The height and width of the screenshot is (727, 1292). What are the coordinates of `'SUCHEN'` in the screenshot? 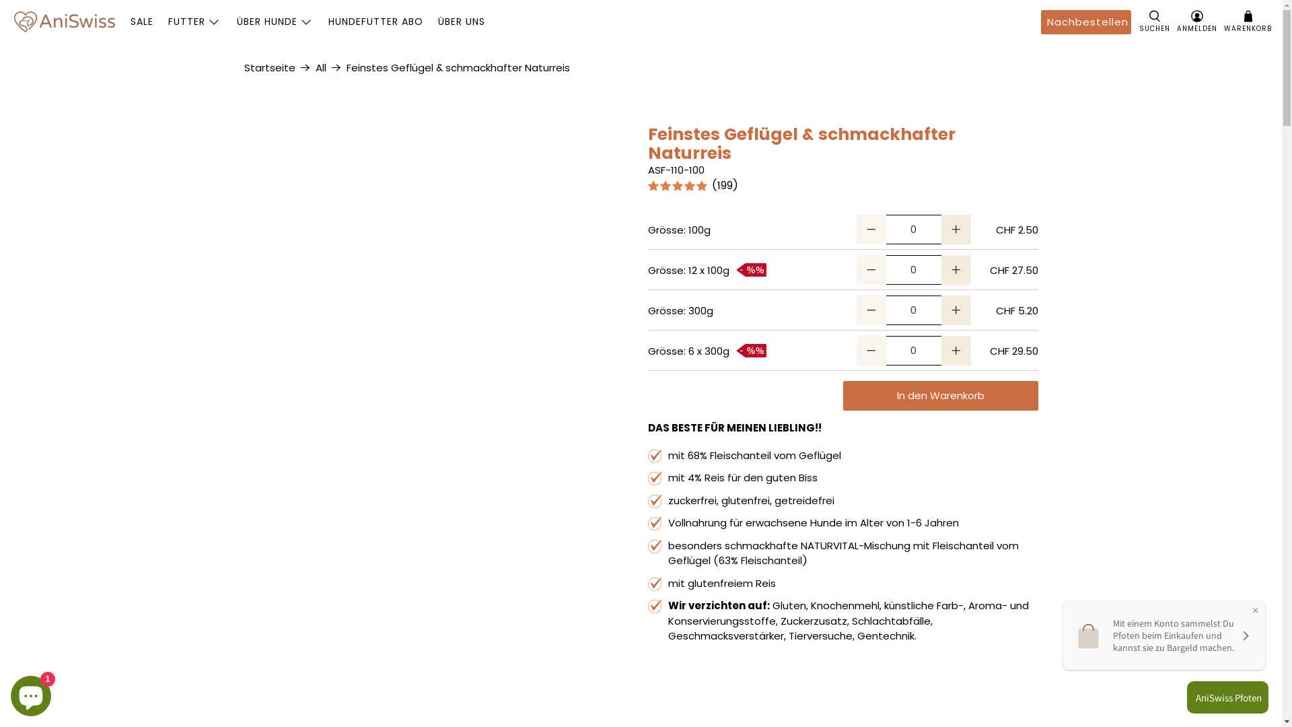 It's located at (1154, 22).